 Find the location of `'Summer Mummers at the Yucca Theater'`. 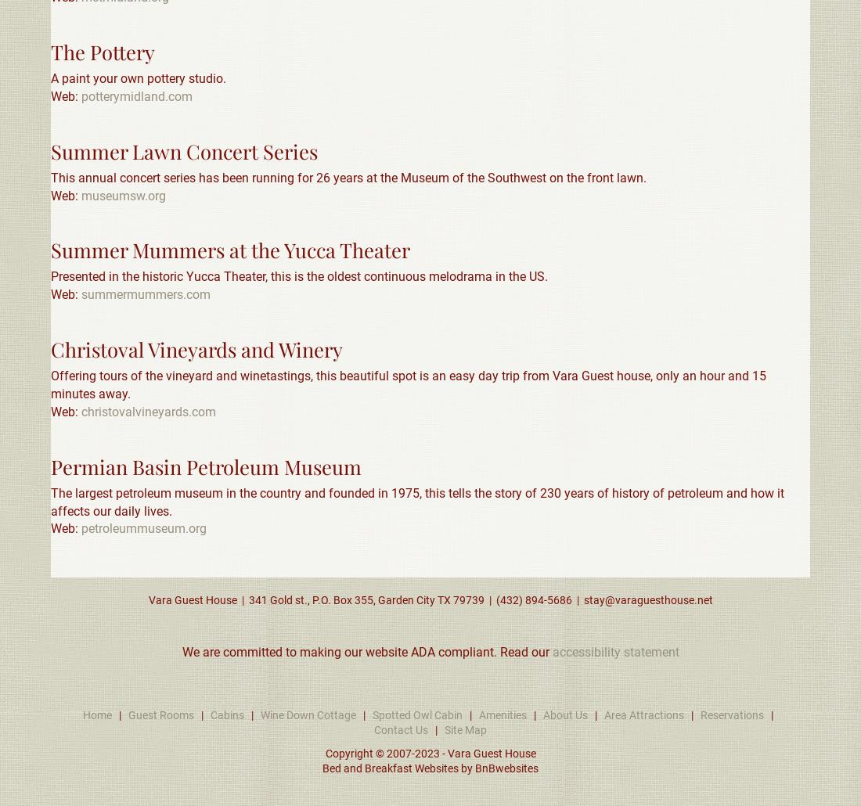

'Summer Mummers at the Yucca Theater' is located at coordinates (229, 248).